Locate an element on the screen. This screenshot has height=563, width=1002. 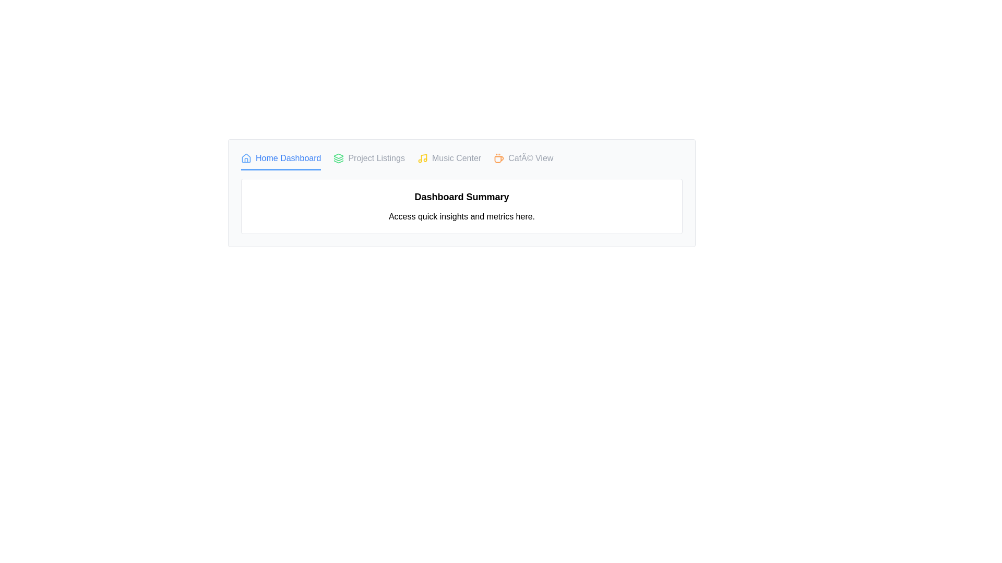
the small yellow music note icon located in the horizontal navigation bar adjacent to the 'Music Center' text is located at coordinates (422, 158).